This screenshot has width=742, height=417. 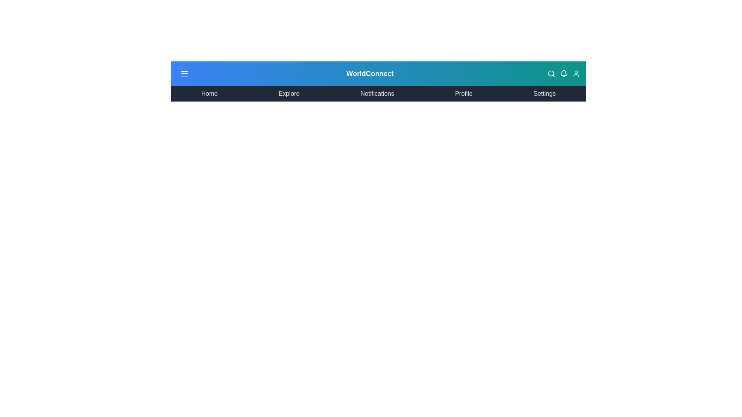 What do you see at coordinates (289, 93) in the screenshot?
I see `the menu item labeled Explore` at bounding box center [289, 93].